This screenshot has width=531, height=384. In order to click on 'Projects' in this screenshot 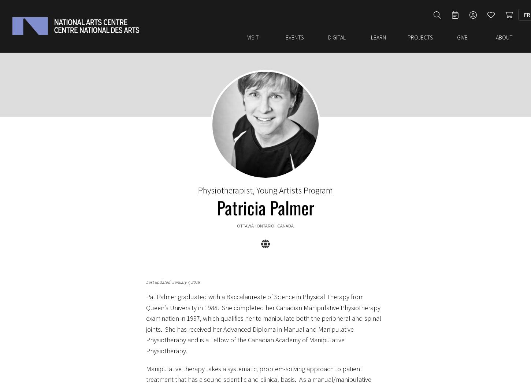, I will do `click(420, 33)`.